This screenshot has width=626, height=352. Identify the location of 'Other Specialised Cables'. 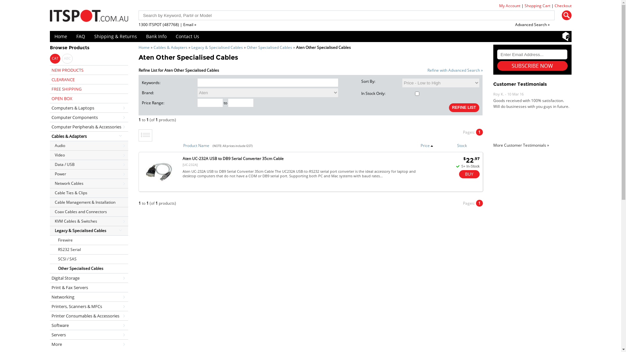
(88, 268).